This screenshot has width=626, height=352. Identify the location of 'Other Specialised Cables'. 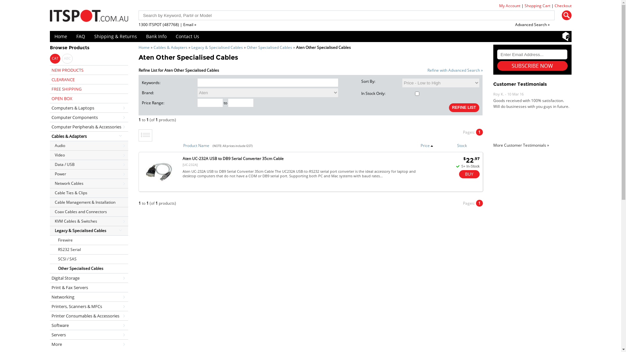
(88, 268).